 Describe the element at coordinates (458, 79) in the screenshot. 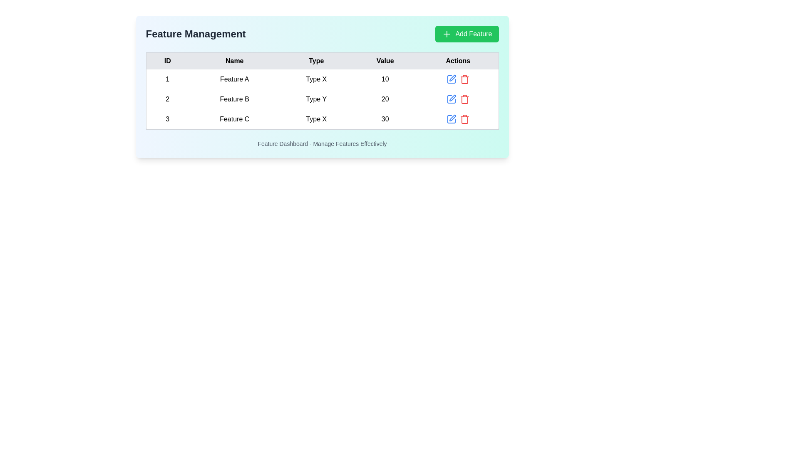

I see `the blue pencil icon in the Interactive control group located in the rightmost column of the first row to initiate editing of the row corresponding to 'Feature A'` at that location.